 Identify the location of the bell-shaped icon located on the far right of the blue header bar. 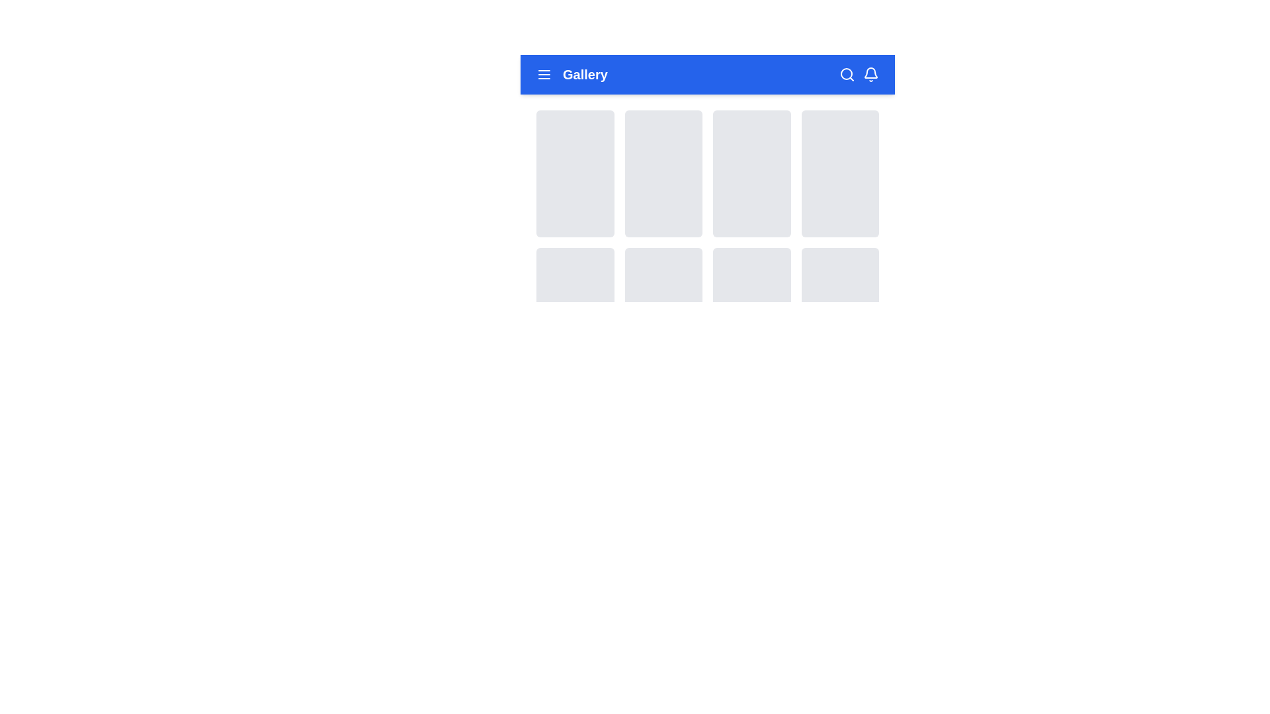
(870, 74).